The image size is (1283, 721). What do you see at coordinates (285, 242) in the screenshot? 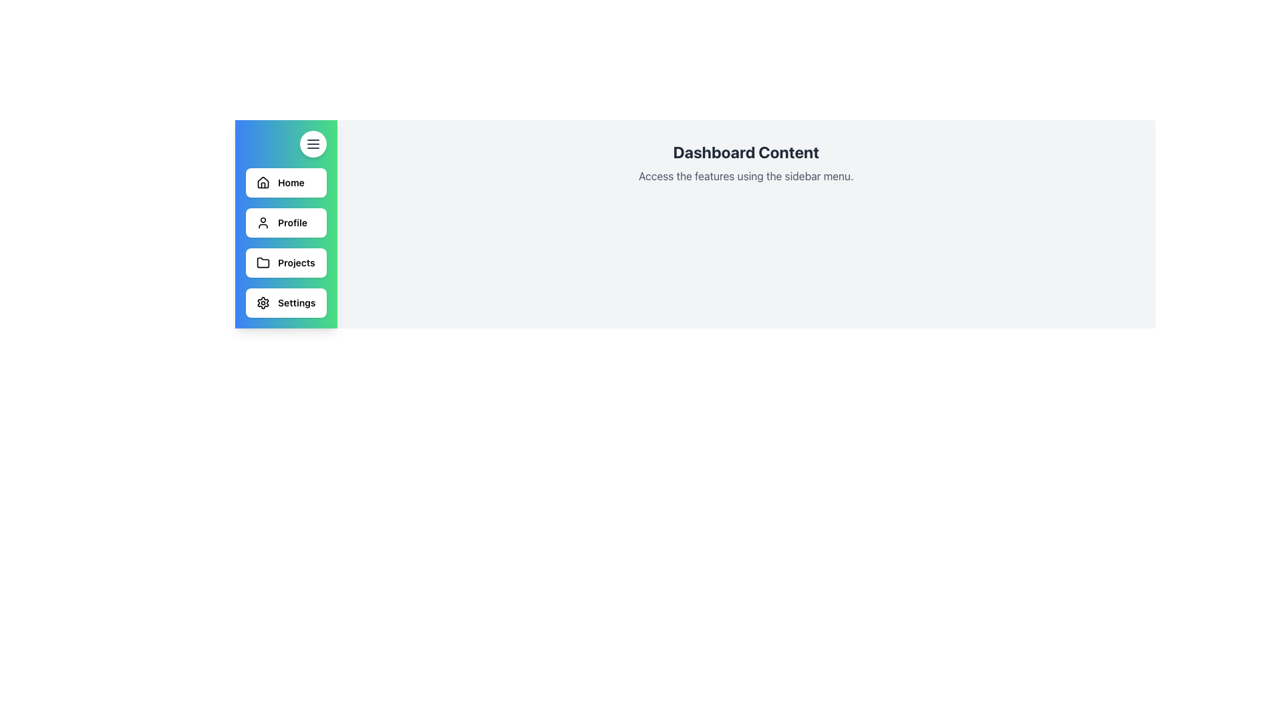
I see `the 'Projects' navigation menu button located in the left sidebar` at bounding box center [285, 242].